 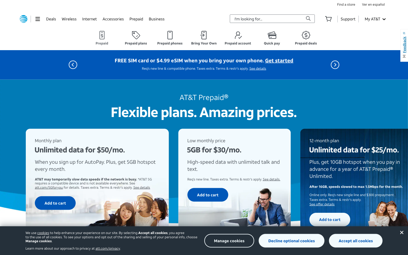 What do you see at coordinates (328, 18) in the screenshot?
I see `your cart items` at bounding box center [328, 18].